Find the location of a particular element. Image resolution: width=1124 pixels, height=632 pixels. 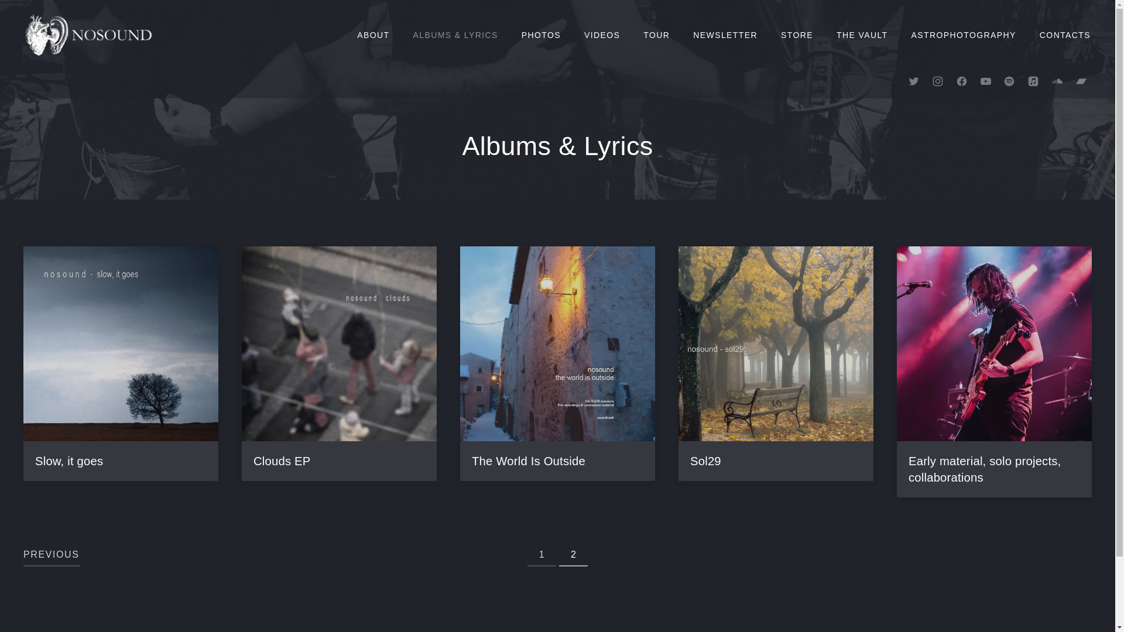

'ASTROPHOTOGRAPHY' is located at coordinates (964, 35).